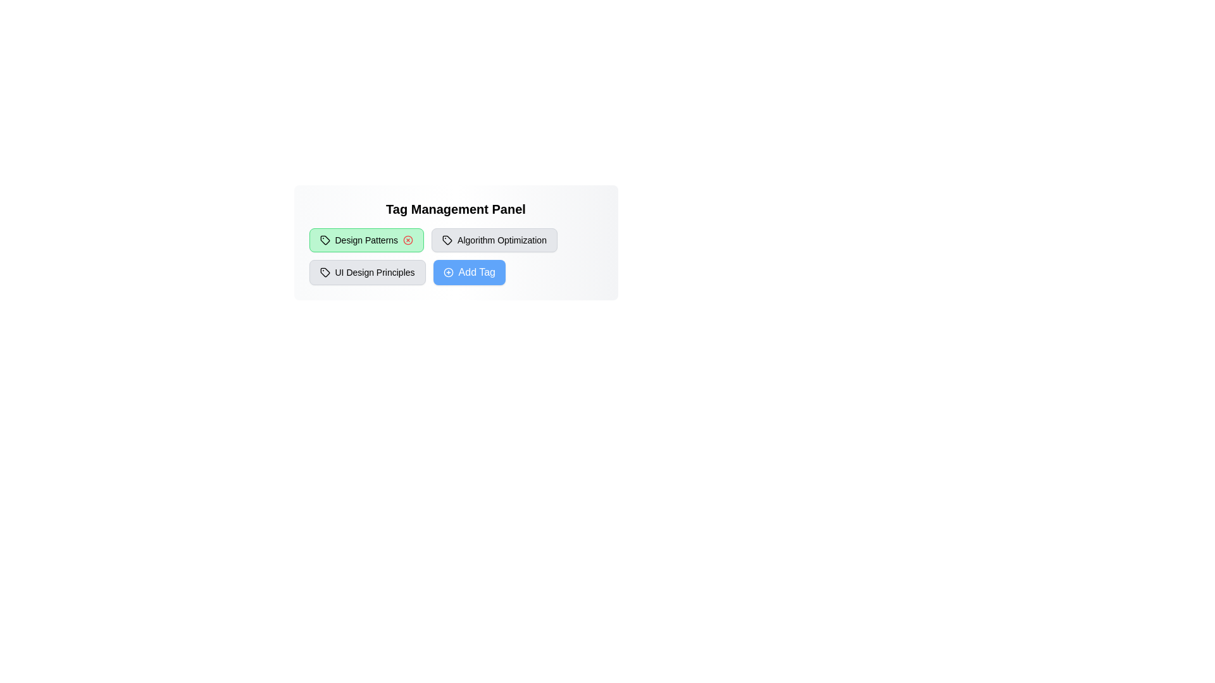  What do you see at coordinates (468, 272) in the screenshot?
I see `the 'Add Tag' button to add a new tag` at bounding box center [468, 272].